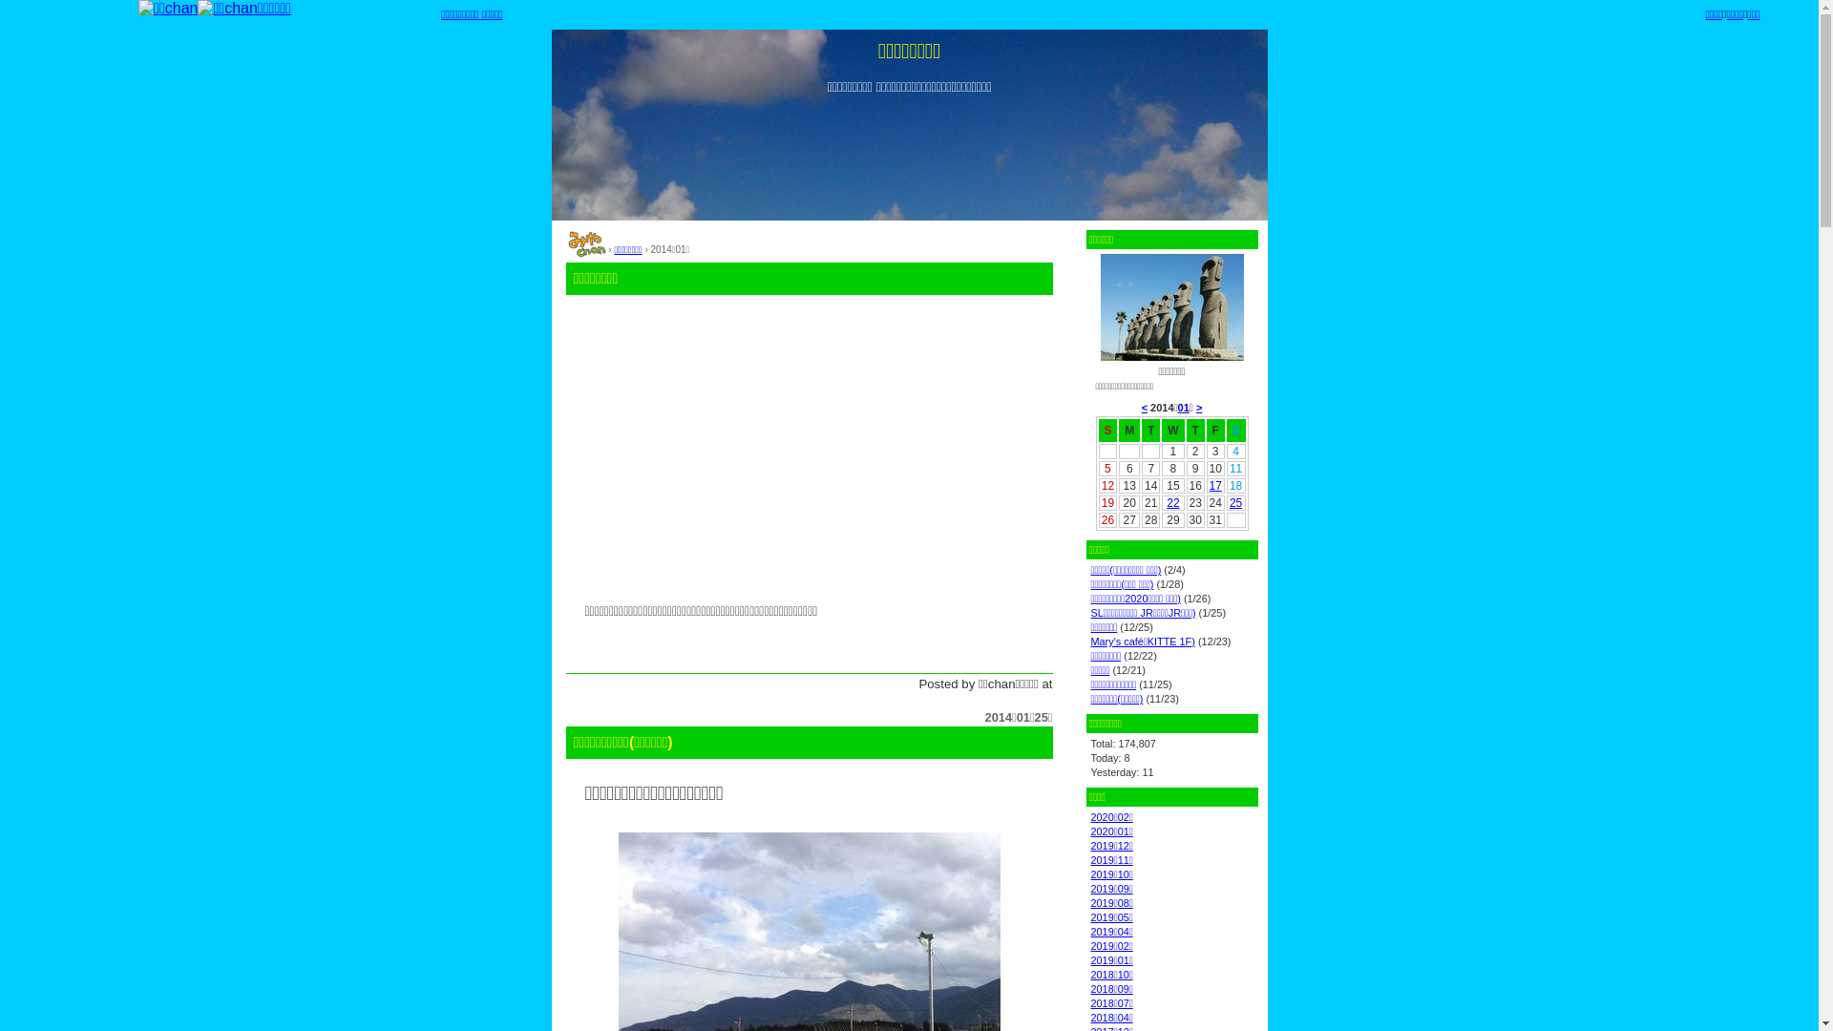 The height and width of the screenshot is (1031, 1833). Describe the element at coordinates (1198, 407) in the screenshot. I see `'>'` at that location.